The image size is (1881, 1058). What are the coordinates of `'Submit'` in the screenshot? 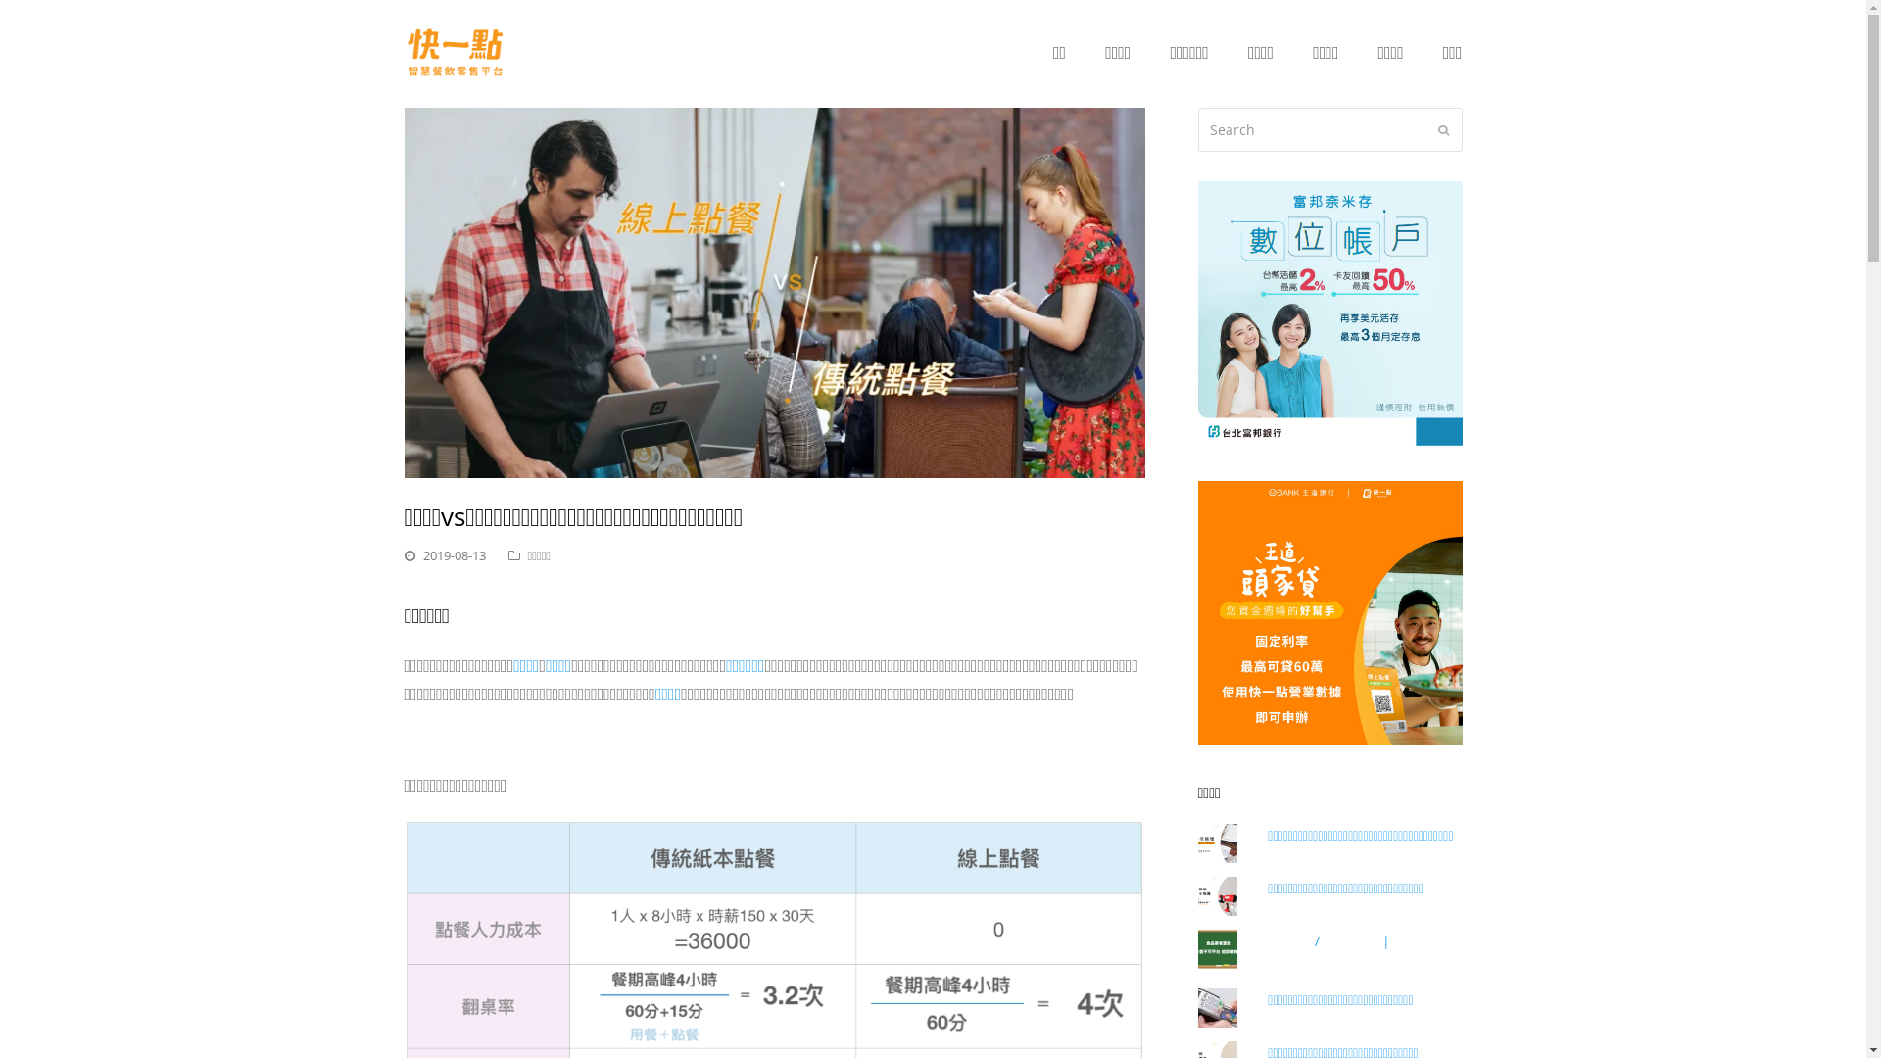 It's located at (1438, 128).